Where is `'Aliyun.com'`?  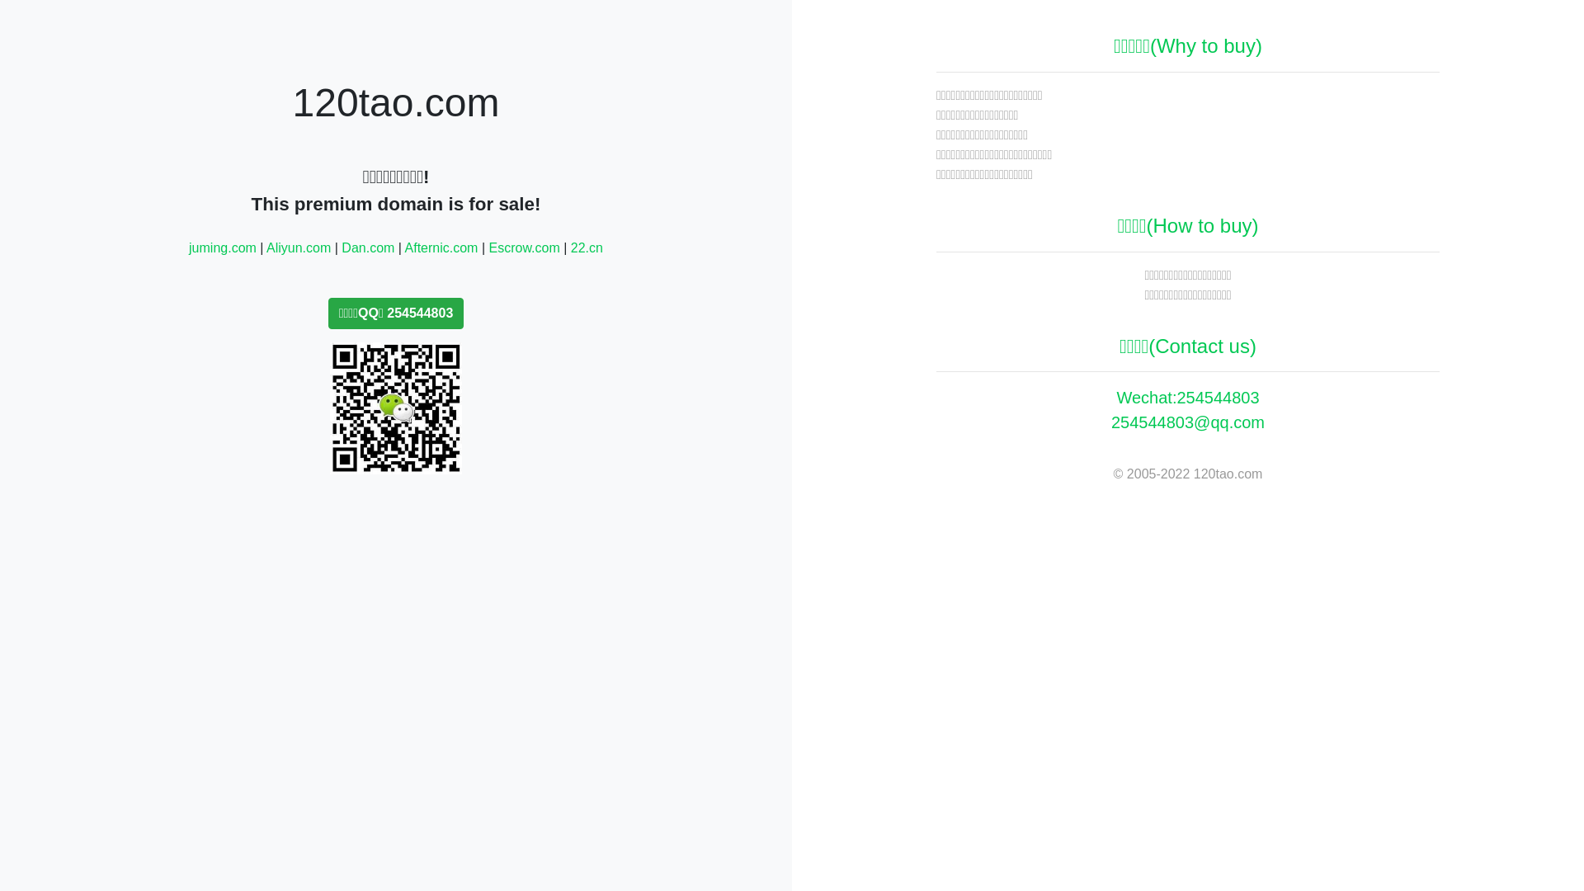 'Aliyun.com' is located at coordinates (298, 247).